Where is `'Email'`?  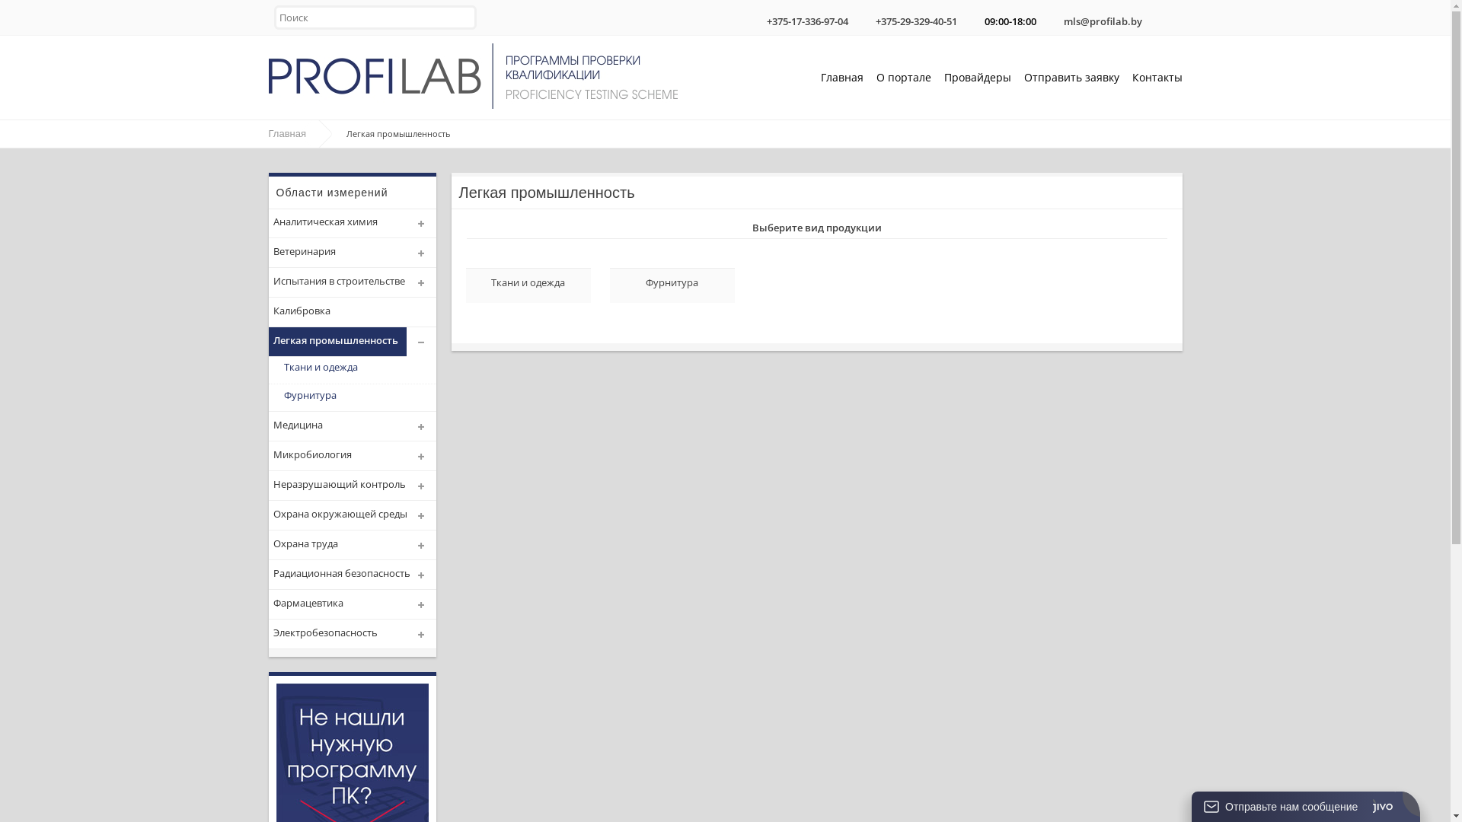
'Email' is located at coordinates (1052, 17).